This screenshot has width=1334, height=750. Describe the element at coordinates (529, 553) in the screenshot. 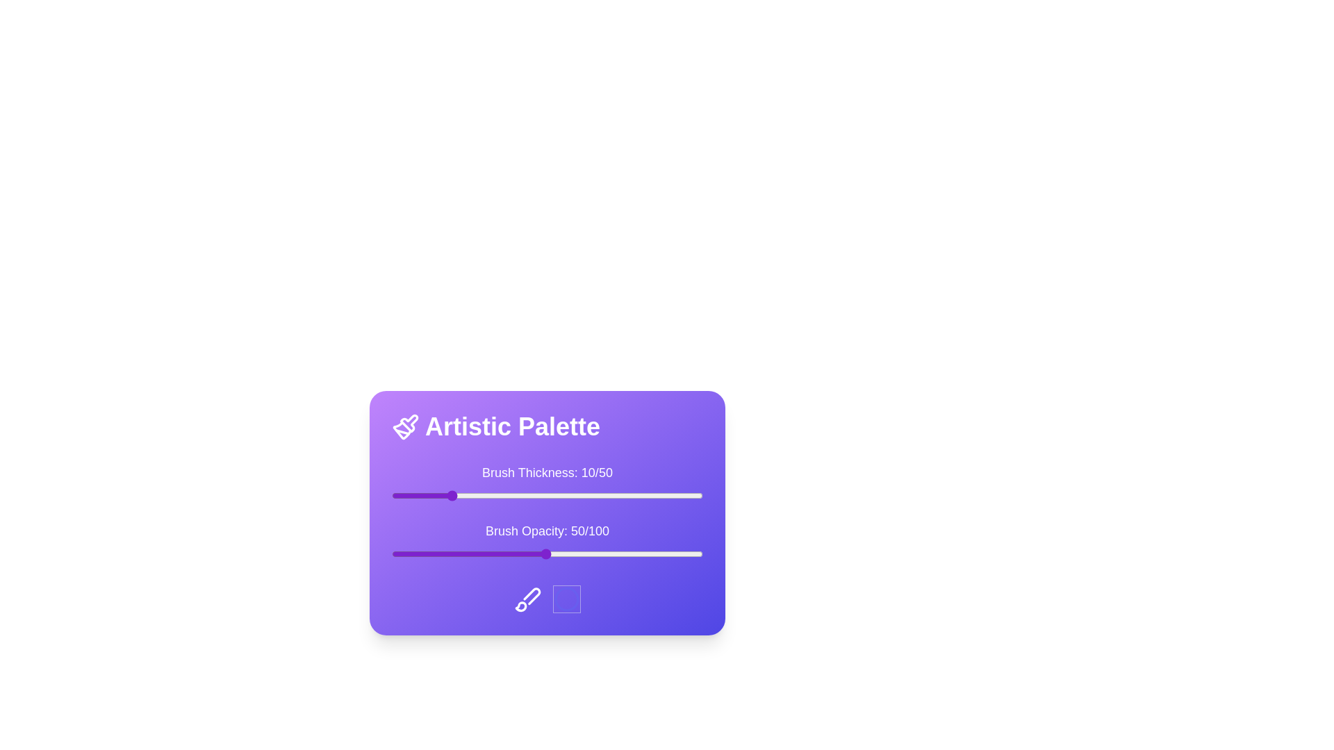

I see `the 'Brush Opacity' slider to set the opacity to 45%` at that location.